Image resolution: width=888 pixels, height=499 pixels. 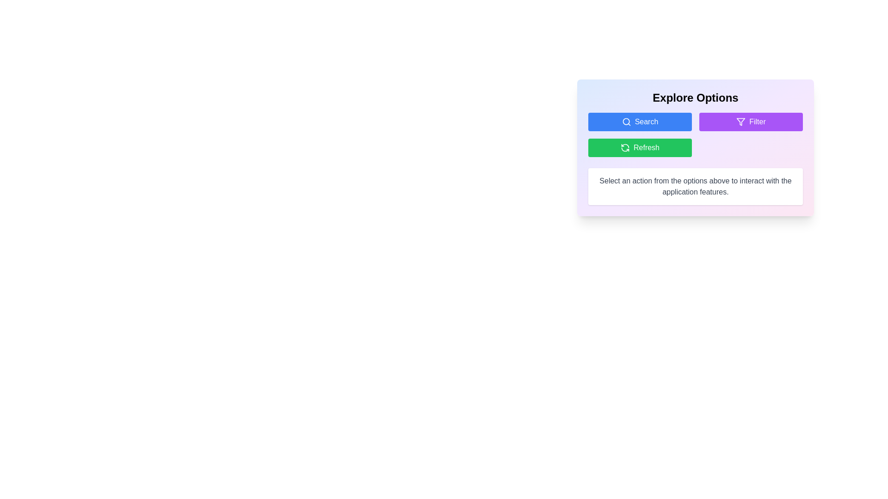 What do you see at coordinates (625, 147) in the screenshot?
I see `the refresh icon, which is a circular arrow on a green background inside a green rectangular button labeled 'Refresh', located in the second row of options below the title 'Explore Options'` at bounding box center [625, 147].